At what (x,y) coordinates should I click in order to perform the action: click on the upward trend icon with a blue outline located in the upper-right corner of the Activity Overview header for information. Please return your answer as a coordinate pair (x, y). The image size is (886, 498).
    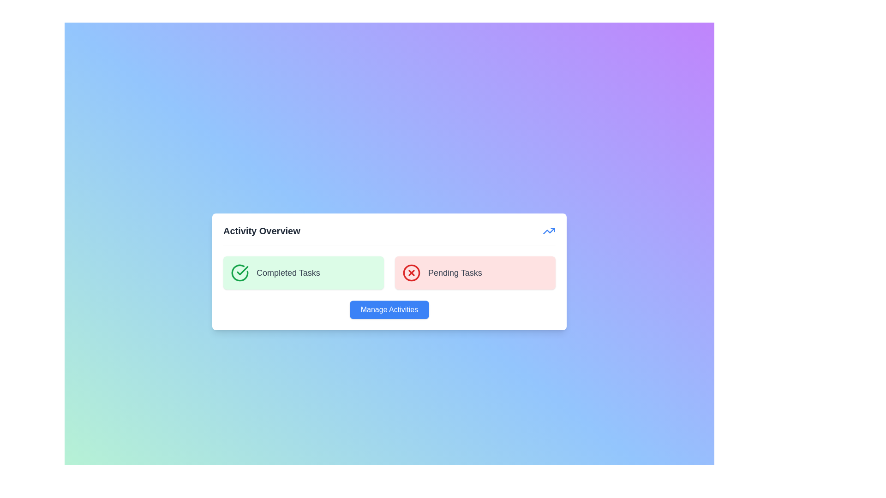
    Looking at the image, I should click on (549, 230).